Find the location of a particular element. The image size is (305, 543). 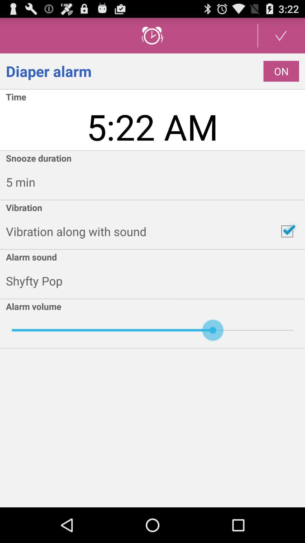

the shyfty pop is located at coordinates (155, 281).